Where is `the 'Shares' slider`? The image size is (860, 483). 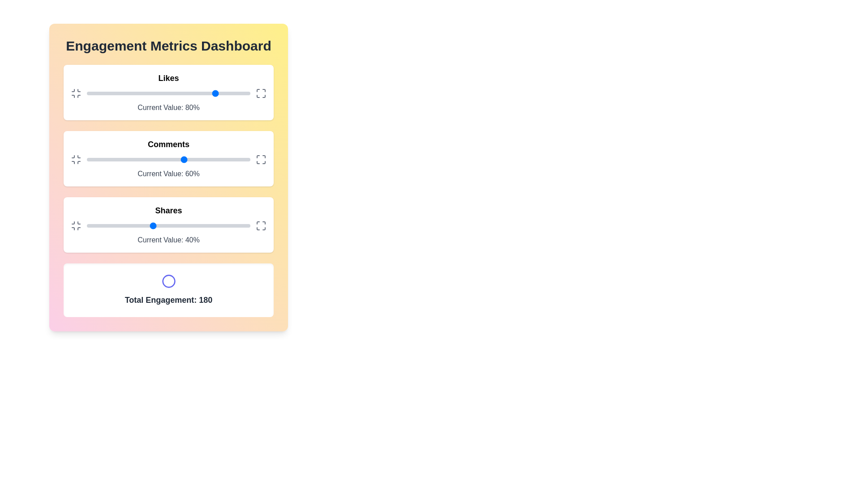 the 'Shares' slider is located at coordinates (163, 225).